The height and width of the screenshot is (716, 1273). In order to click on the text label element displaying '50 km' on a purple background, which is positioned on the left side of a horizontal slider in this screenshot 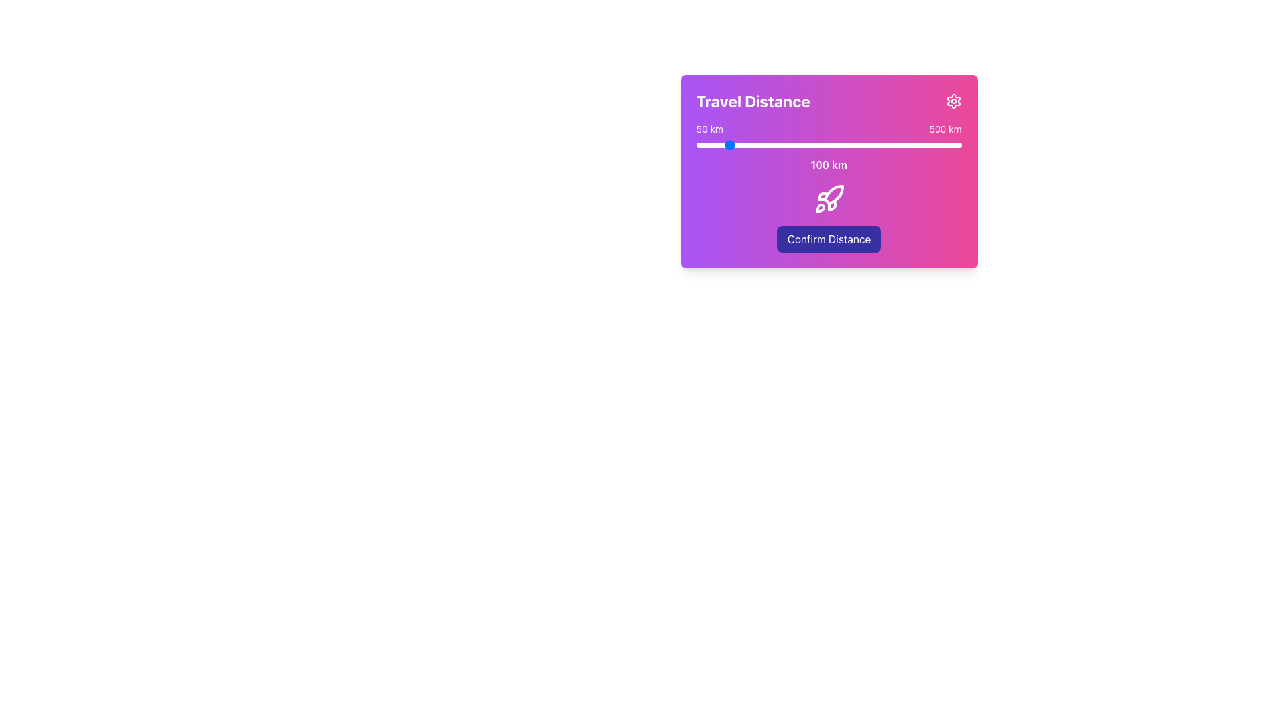, I will do `click(709, 129)`.